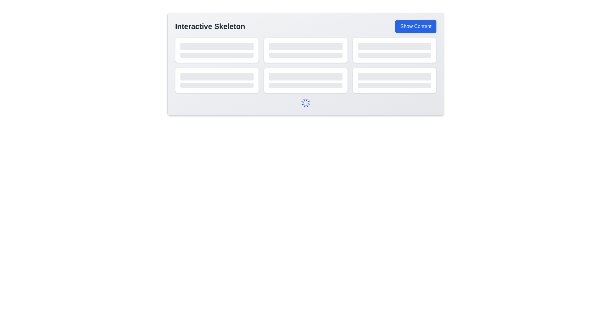 The width and height of the screenshot is (593, 333). I want to click on the placeholder card located in the first row and third column of the grid layout, characterized by its white background, rounded corners, and shadow effect, along with two horizontal gray bars arranged vertically, so click(394, 50).